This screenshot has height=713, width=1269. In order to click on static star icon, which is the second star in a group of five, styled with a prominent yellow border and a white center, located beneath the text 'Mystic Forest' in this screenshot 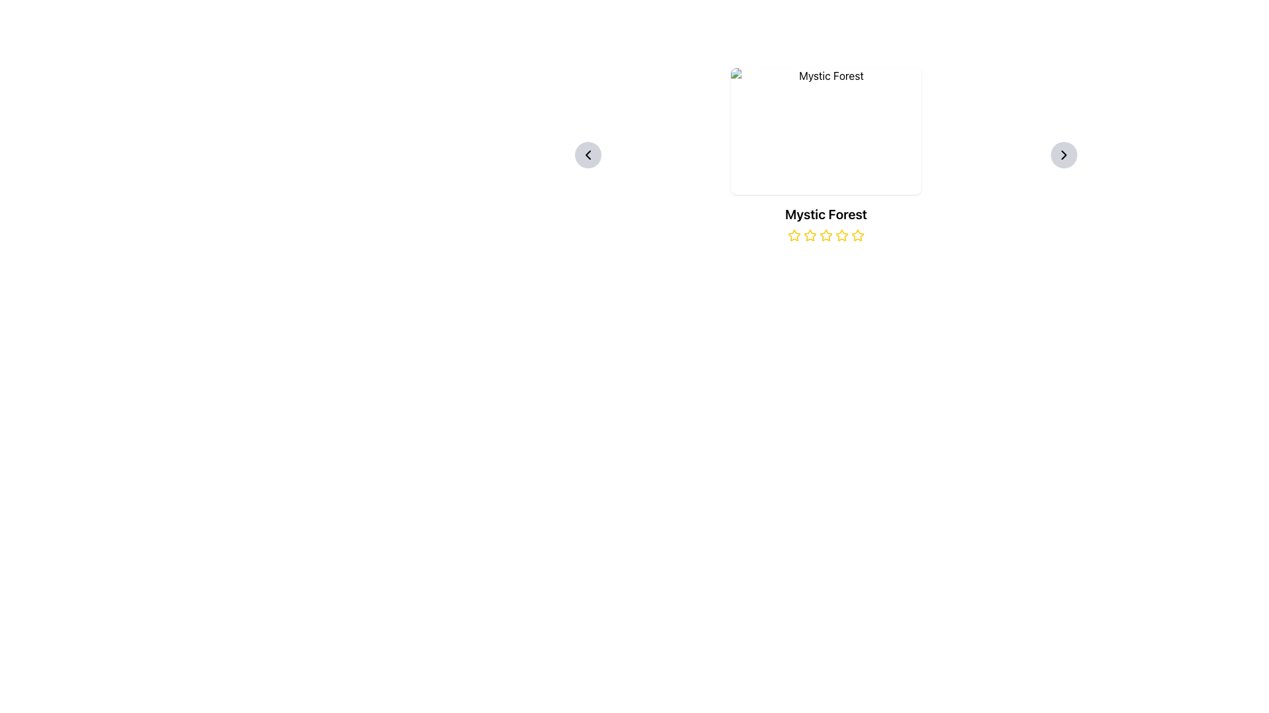, I will do `click(809, 234)`.